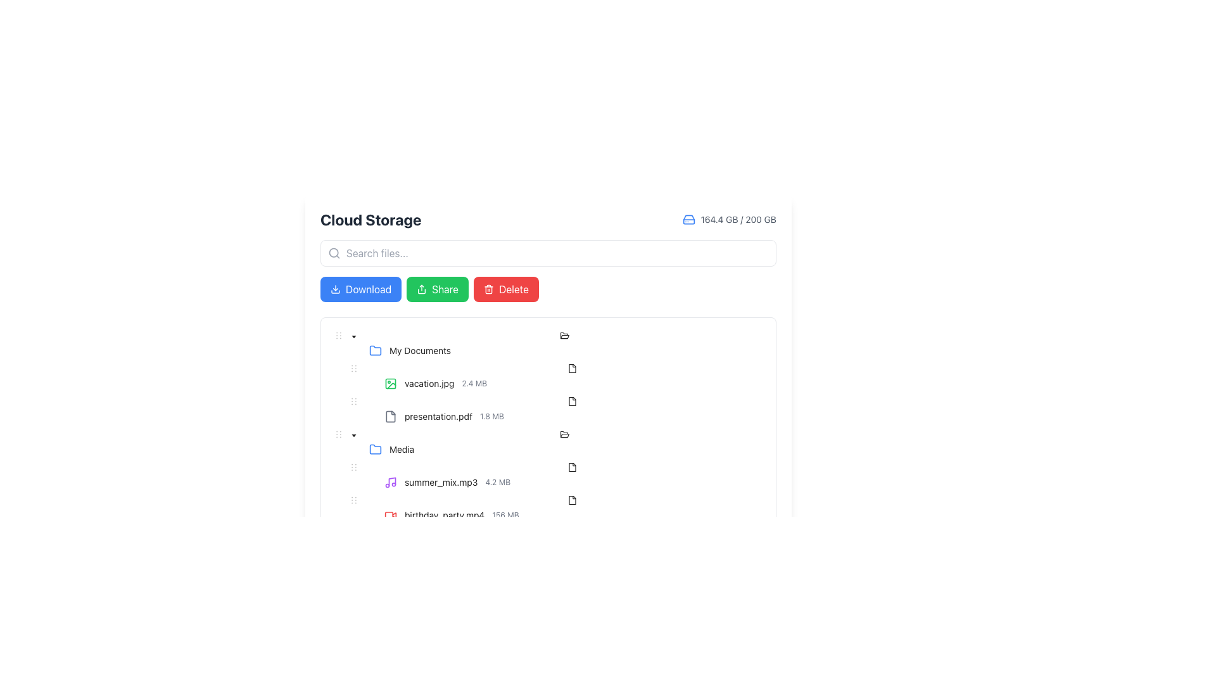  What do you see at coordinates (335, 289) in the screenshot?
I see `the download icon located to the left of the 'Download' button in the header section of the application` at bounding box center [335, 289].